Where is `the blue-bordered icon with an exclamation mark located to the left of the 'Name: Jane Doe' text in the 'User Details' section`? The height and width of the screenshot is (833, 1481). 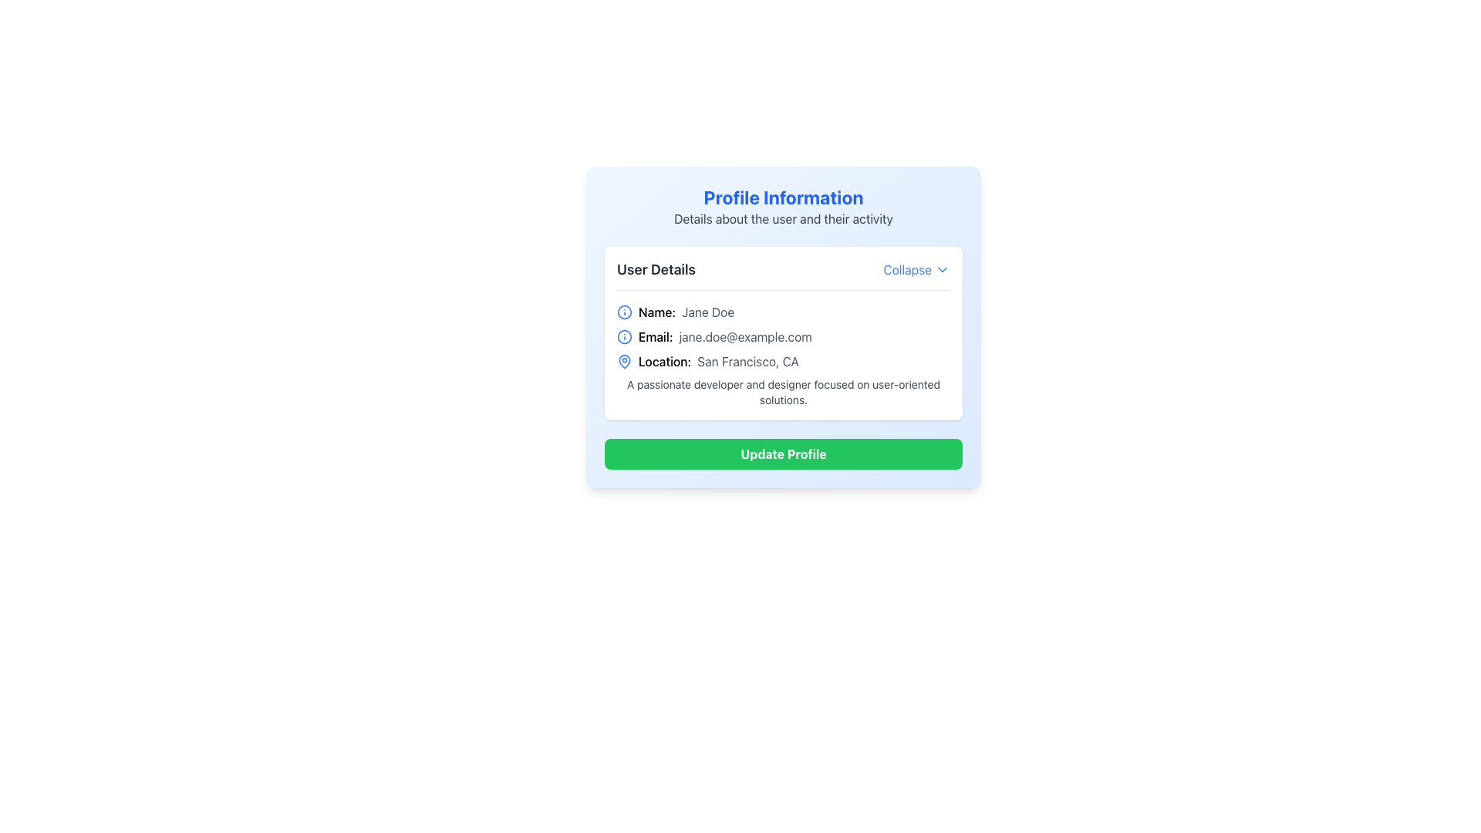
the blue-bordered icon with an exclamation mark located to the left of the 'Name: Jane Doe' text in the 'User Details' section is located at coordinates (625, 312).